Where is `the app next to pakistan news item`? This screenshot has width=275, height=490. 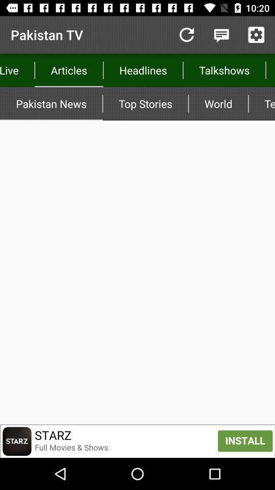
the app next to pakistan news item is located at coordinates (145, 104).